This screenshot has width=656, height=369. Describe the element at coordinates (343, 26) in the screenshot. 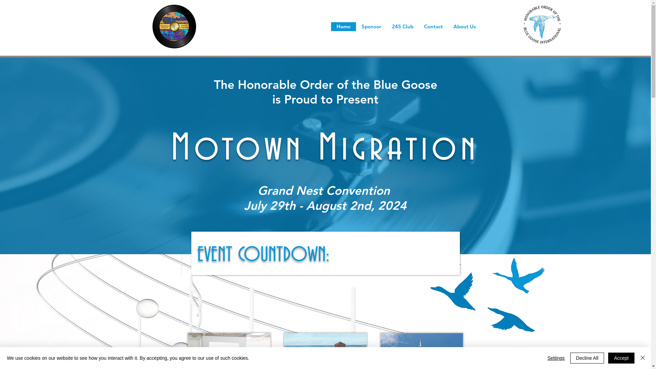

I see `'Home'` at that location.